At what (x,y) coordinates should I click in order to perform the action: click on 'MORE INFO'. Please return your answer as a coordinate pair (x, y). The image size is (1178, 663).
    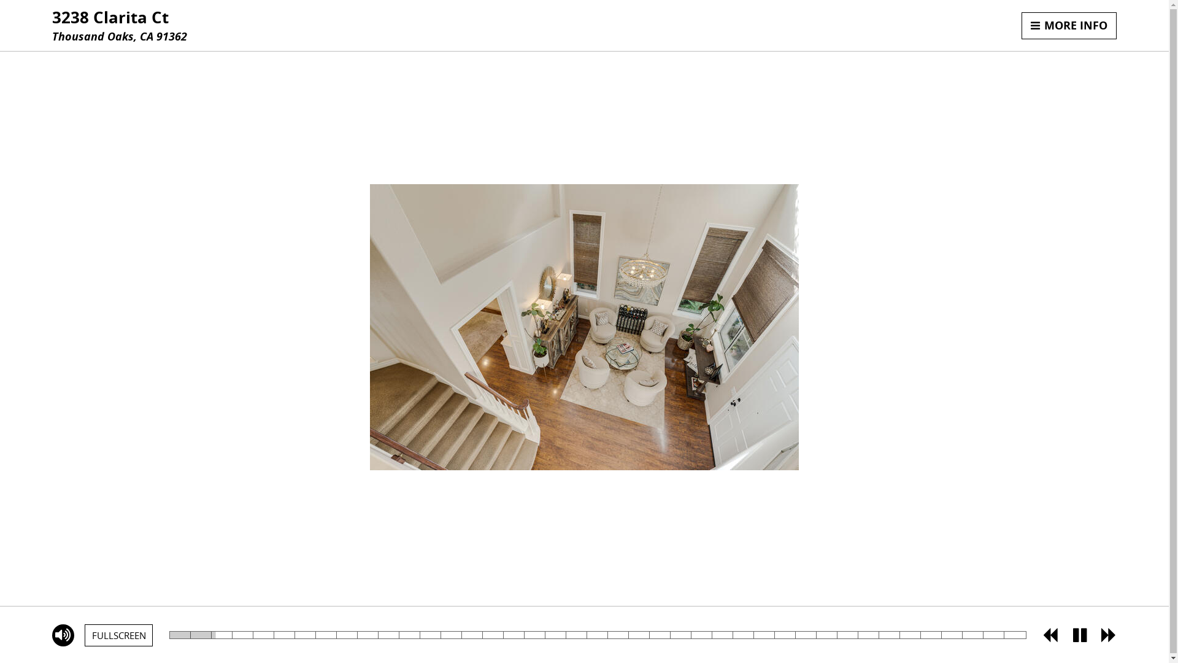
    Looking at the image, I should click on (1068, 26).